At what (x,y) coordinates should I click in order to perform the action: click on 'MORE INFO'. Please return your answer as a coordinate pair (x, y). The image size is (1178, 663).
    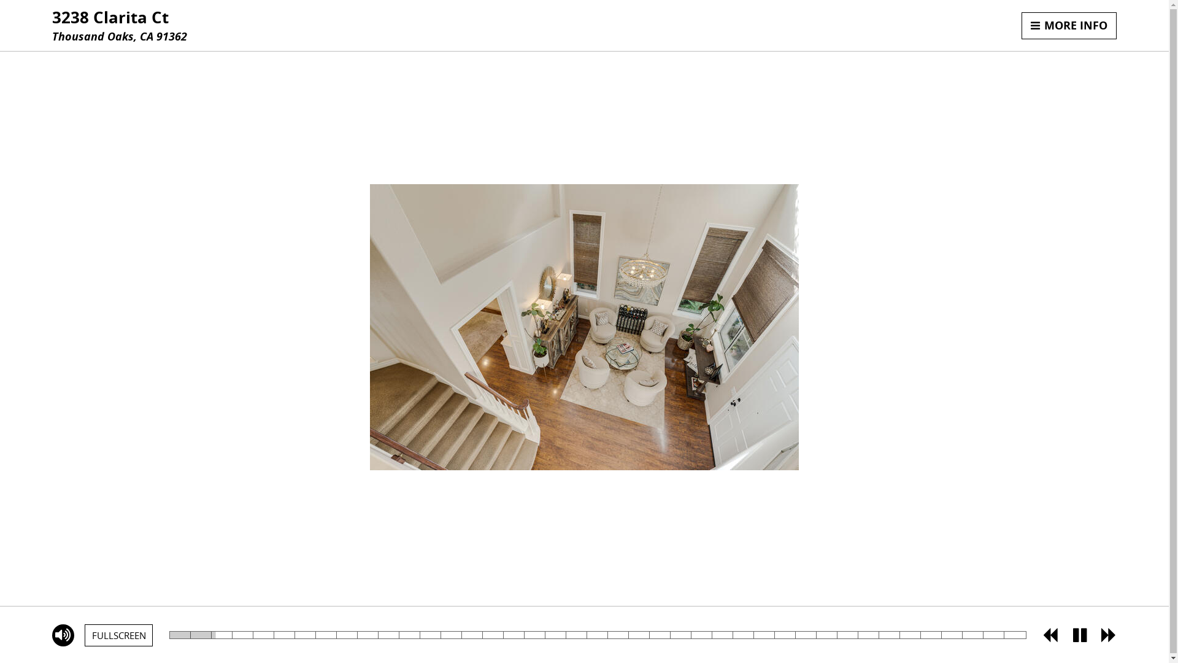
    Looking at the image, I should click on (1068, 26).